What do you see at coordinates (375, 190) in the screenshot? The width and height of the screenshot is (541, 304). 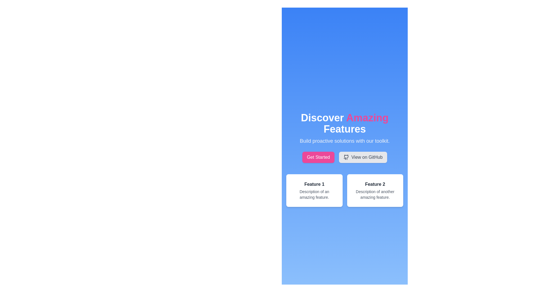 I see `the descriptive card for 'Feature 2', which is the second card in a two-column grid under 'Discover Amazing Features'` at bounding box center [375, 190].